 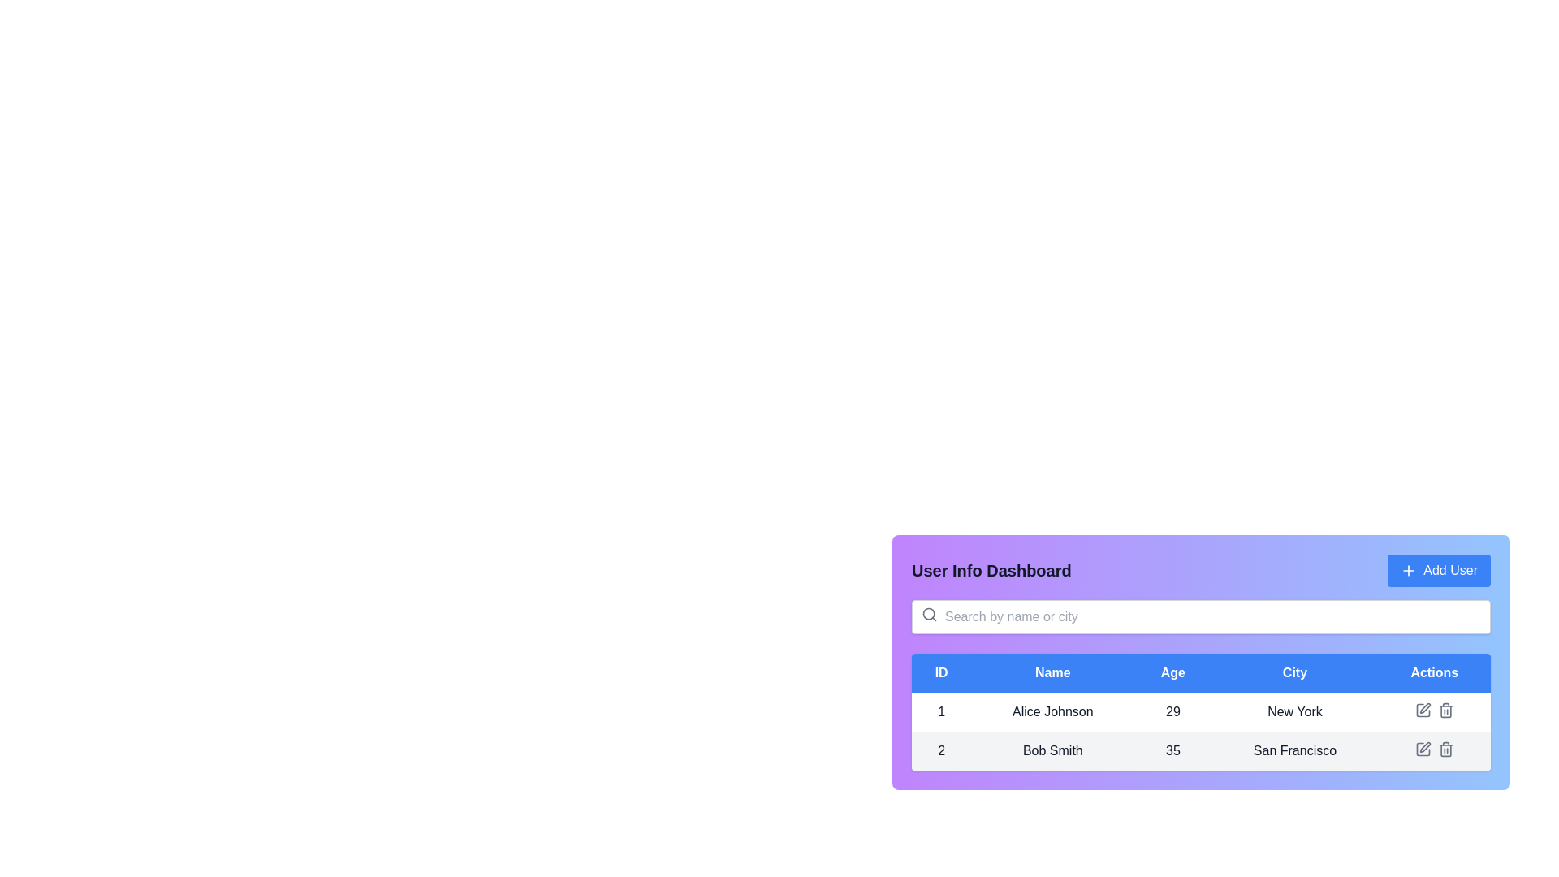 I want to click on the bright blue rectangular button with rounded edges labeled 'Add User', so click(x=1439, y=569).